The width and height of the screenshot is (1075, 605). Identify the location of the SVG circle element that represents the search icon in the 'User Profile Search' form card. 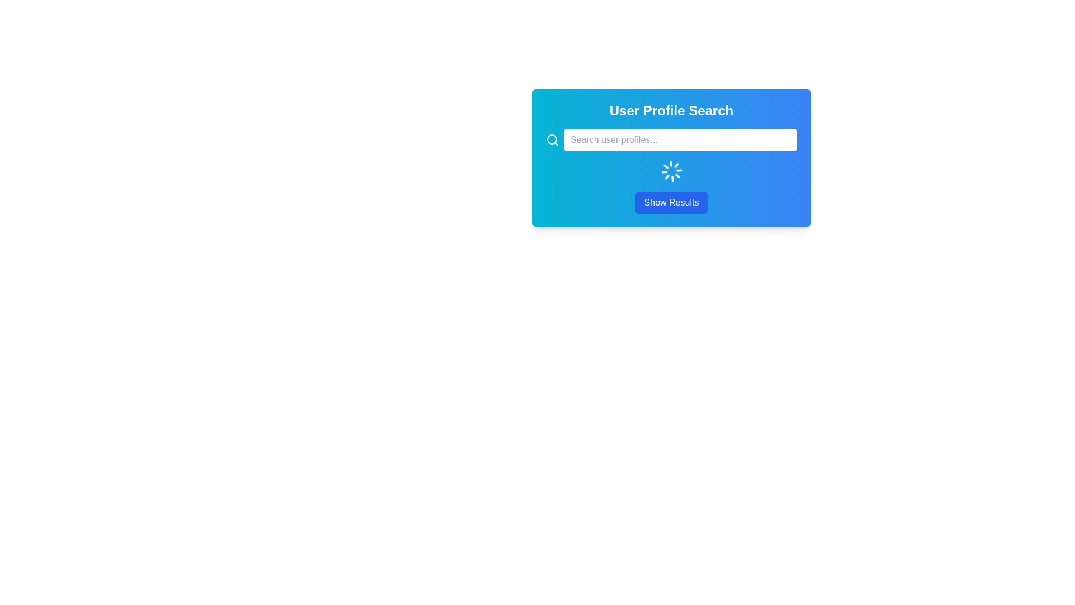
(551, 139).